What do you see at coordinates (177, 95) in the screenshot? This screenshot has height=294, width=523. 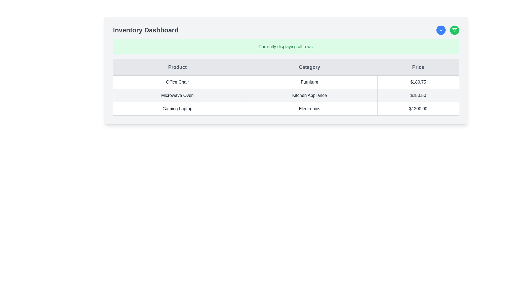 I see `text displayed in the 'Product' column of the inventory table, specifically the label for 'Microwave Oven' located in the second row` at bounding box center [177, 95].